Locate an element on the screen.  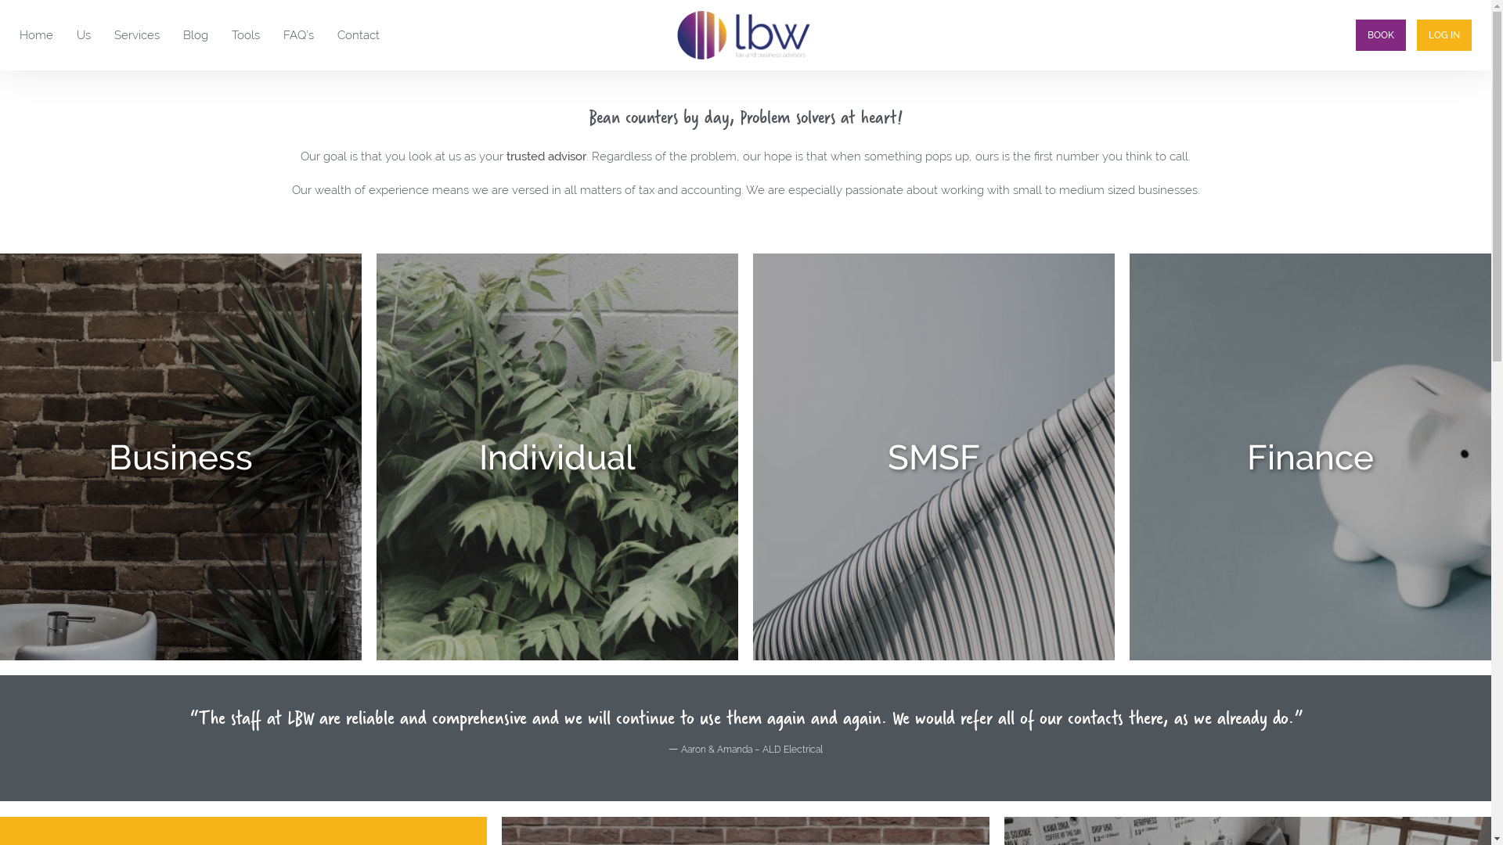
'Us' is located at coordinates (82, 35).